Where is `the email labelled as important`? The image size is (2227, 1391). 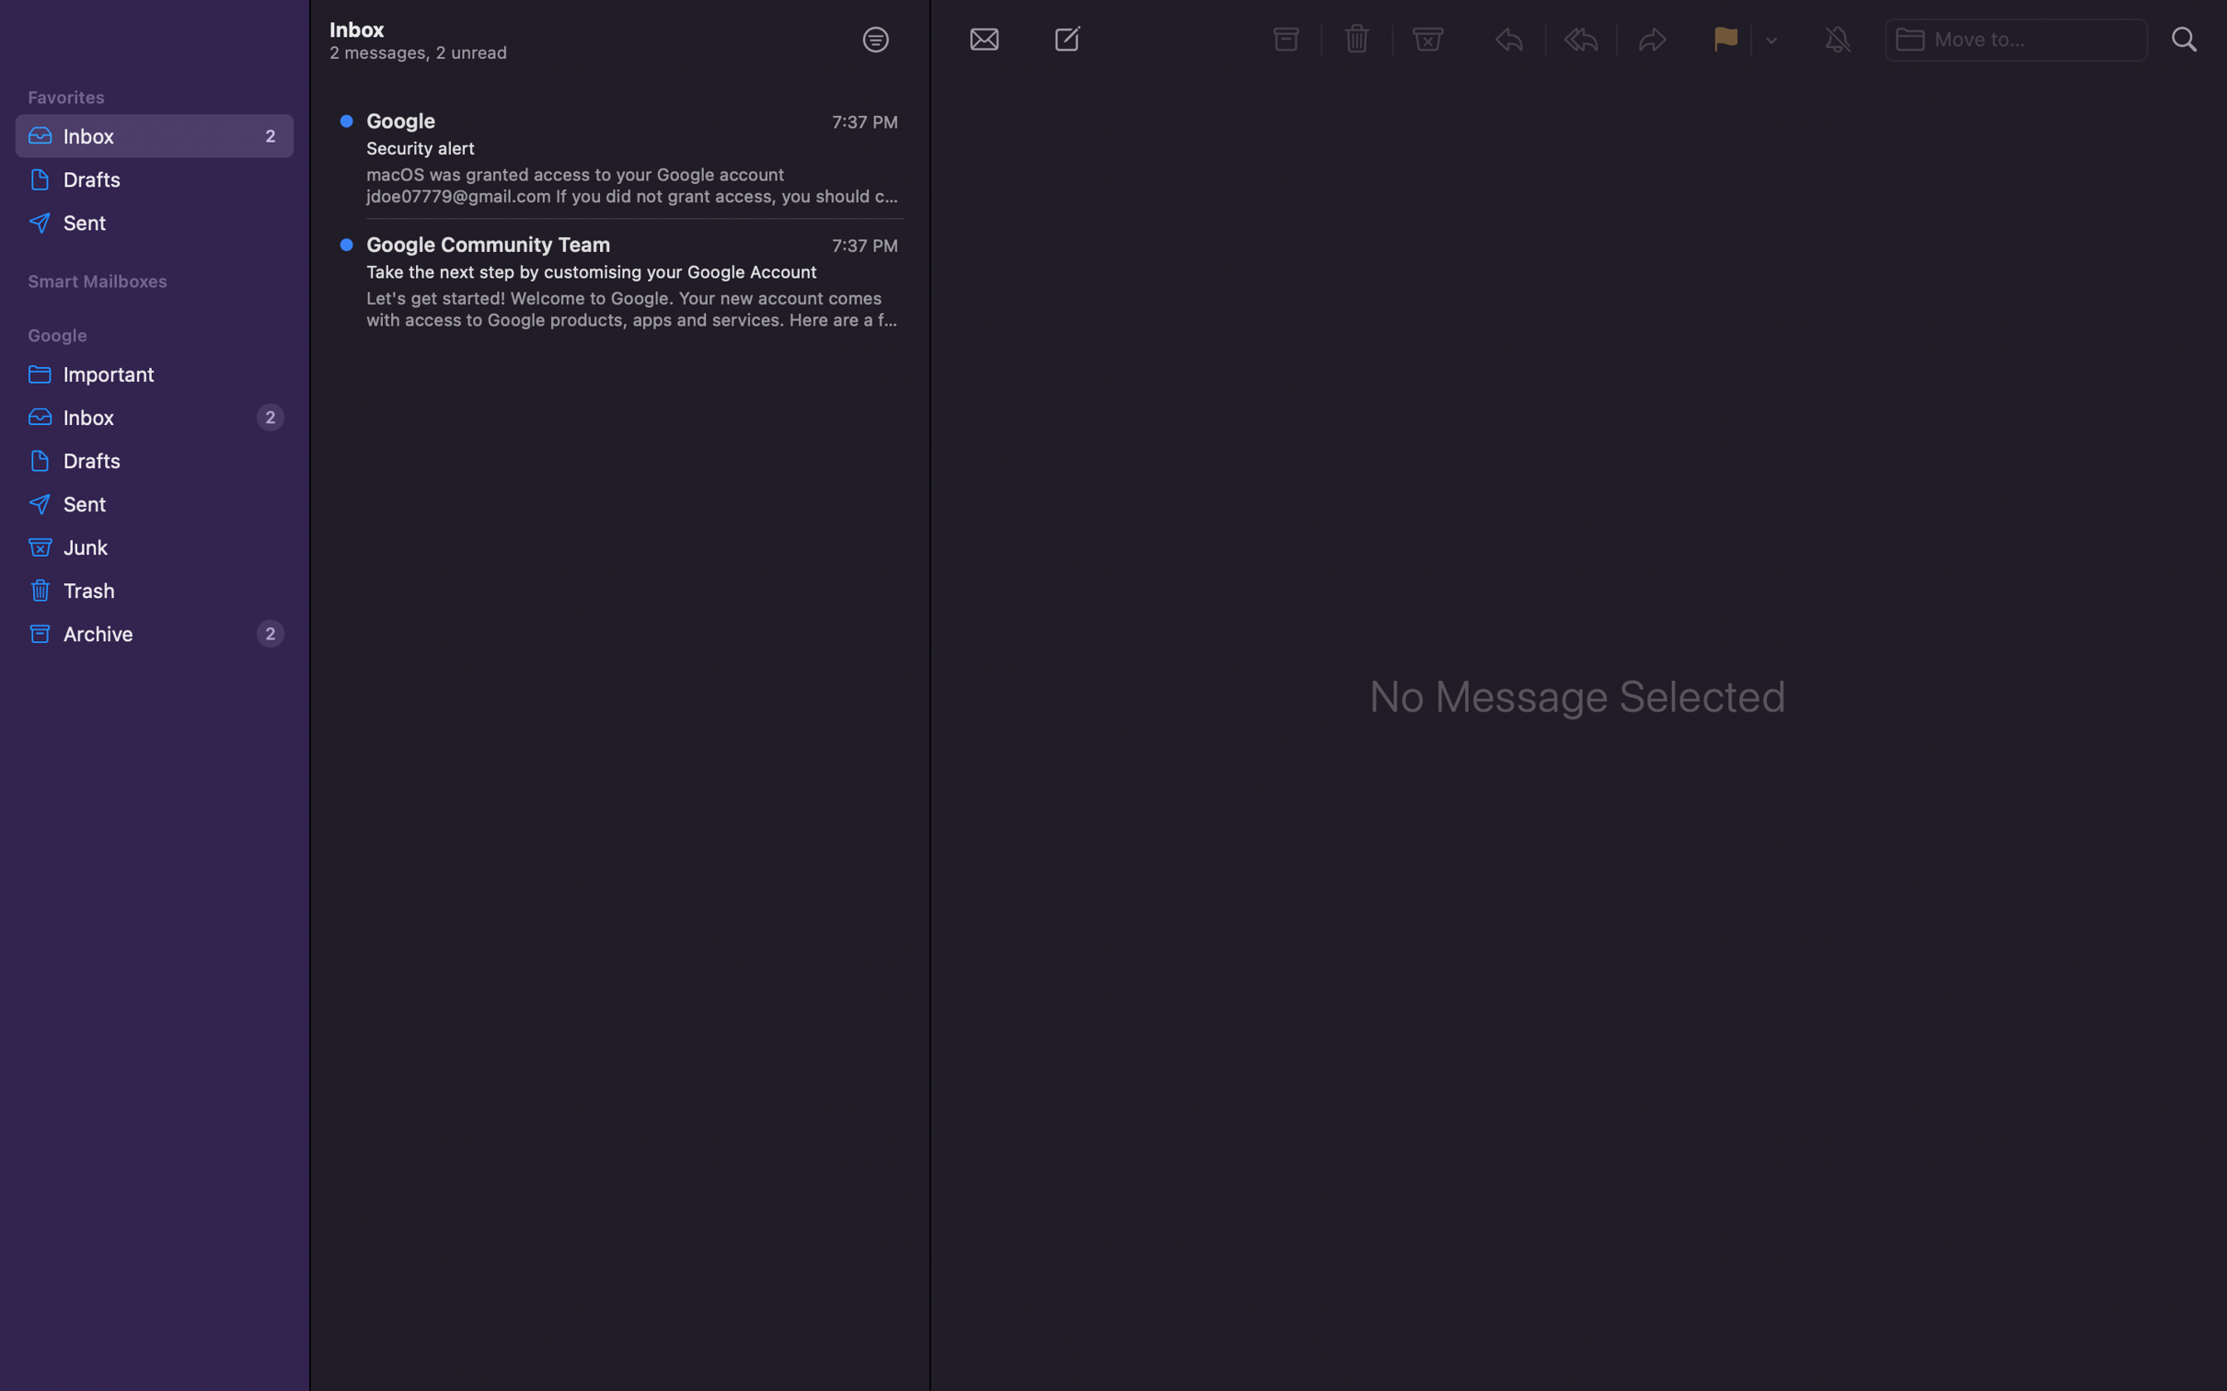 the email labelled as important is located at coordinates (151, 371).